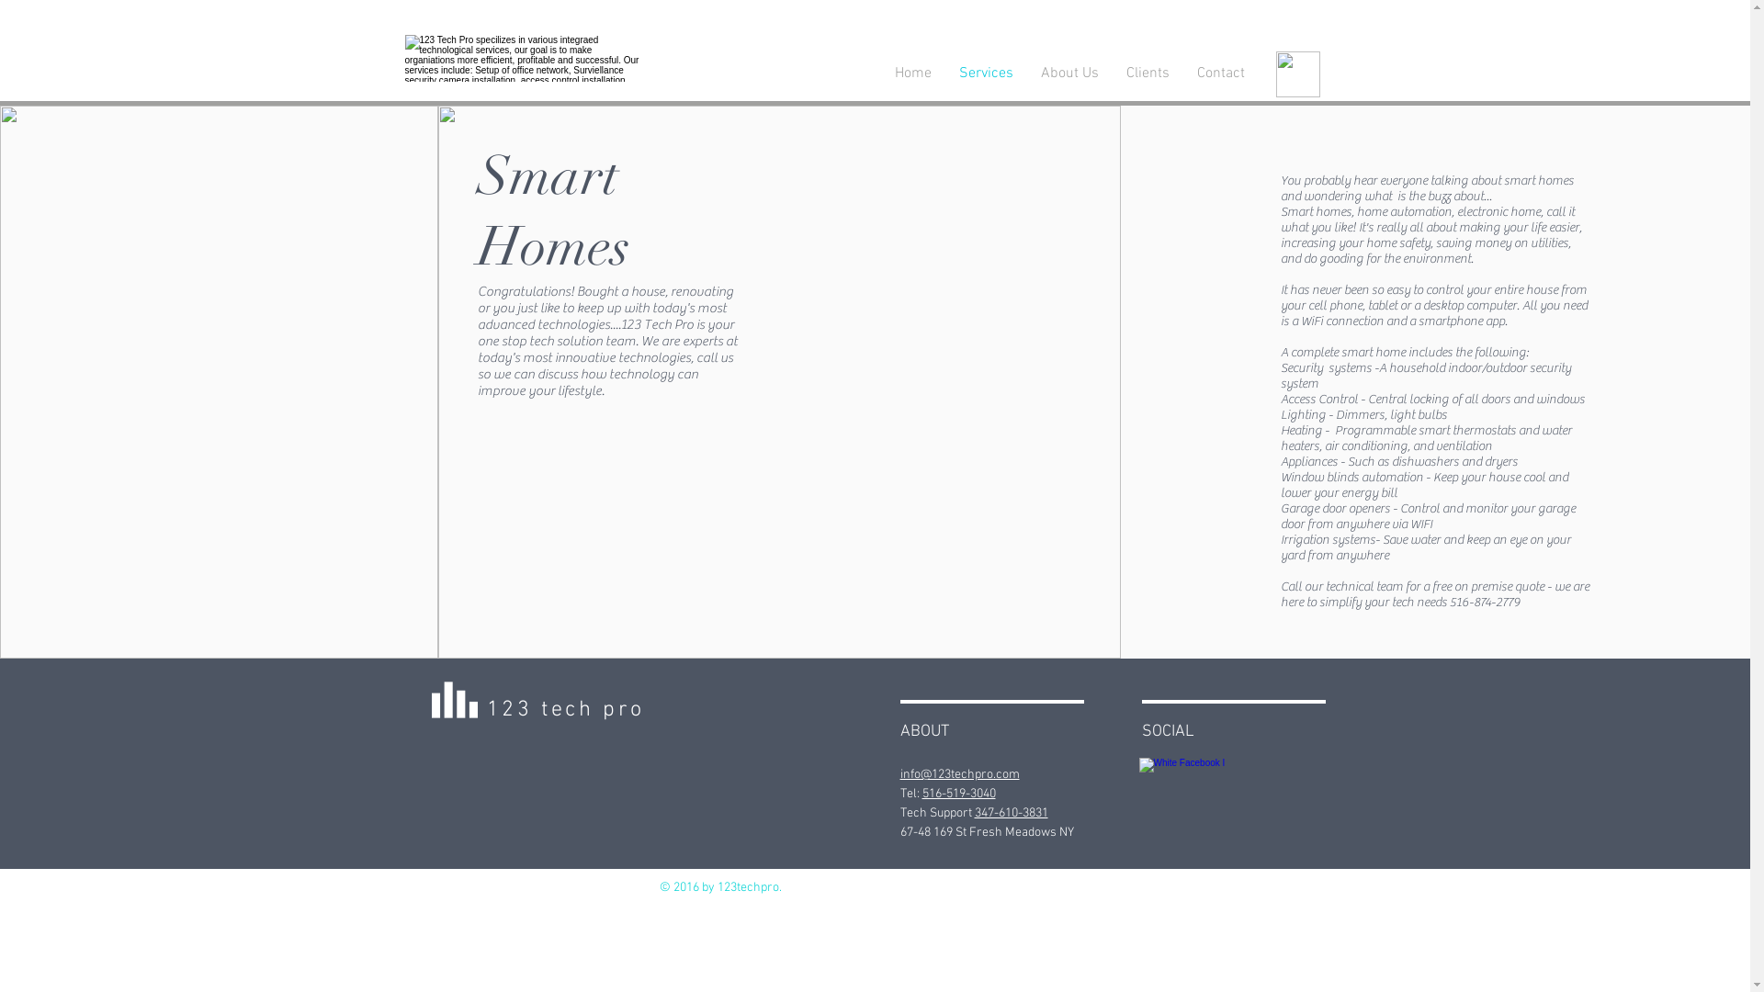 This screenshot has height=992, width=1764. I want to click on 'Clients', so click(1146, 73).